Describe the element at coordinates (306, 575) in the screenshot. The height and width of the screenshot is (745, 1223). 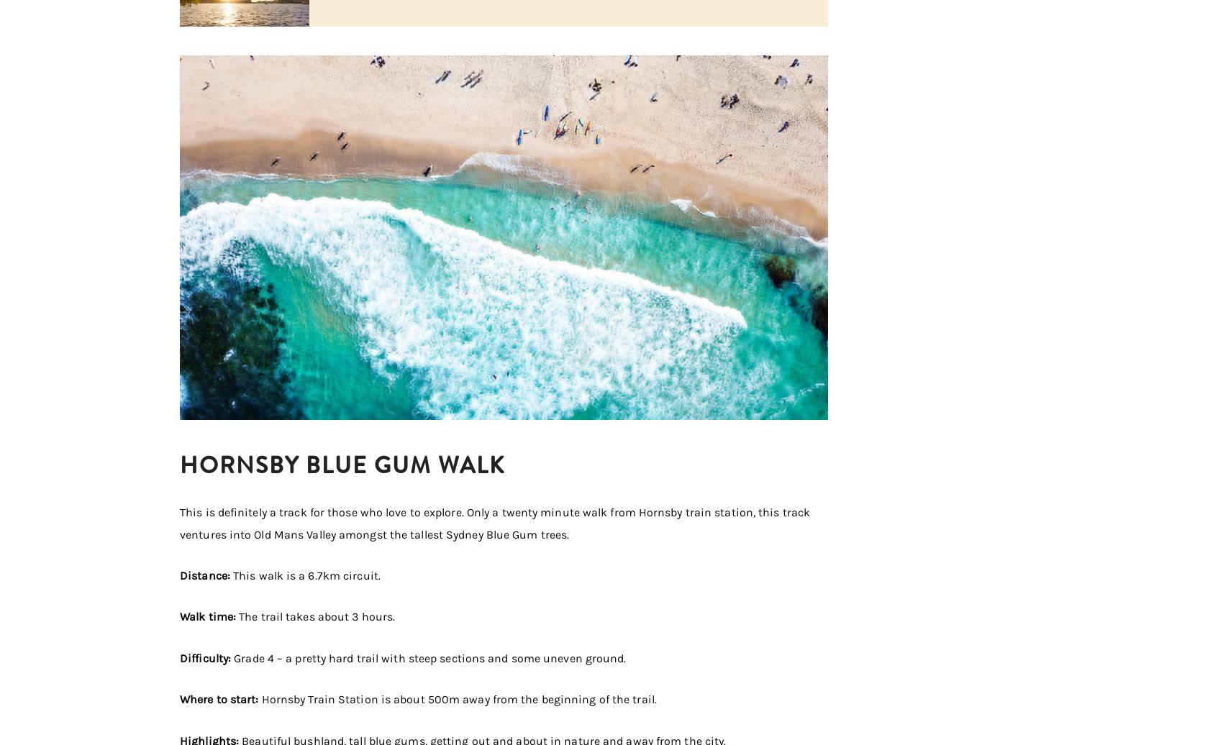
I see `'This walk is a 6.7km circuit.'` at that location.